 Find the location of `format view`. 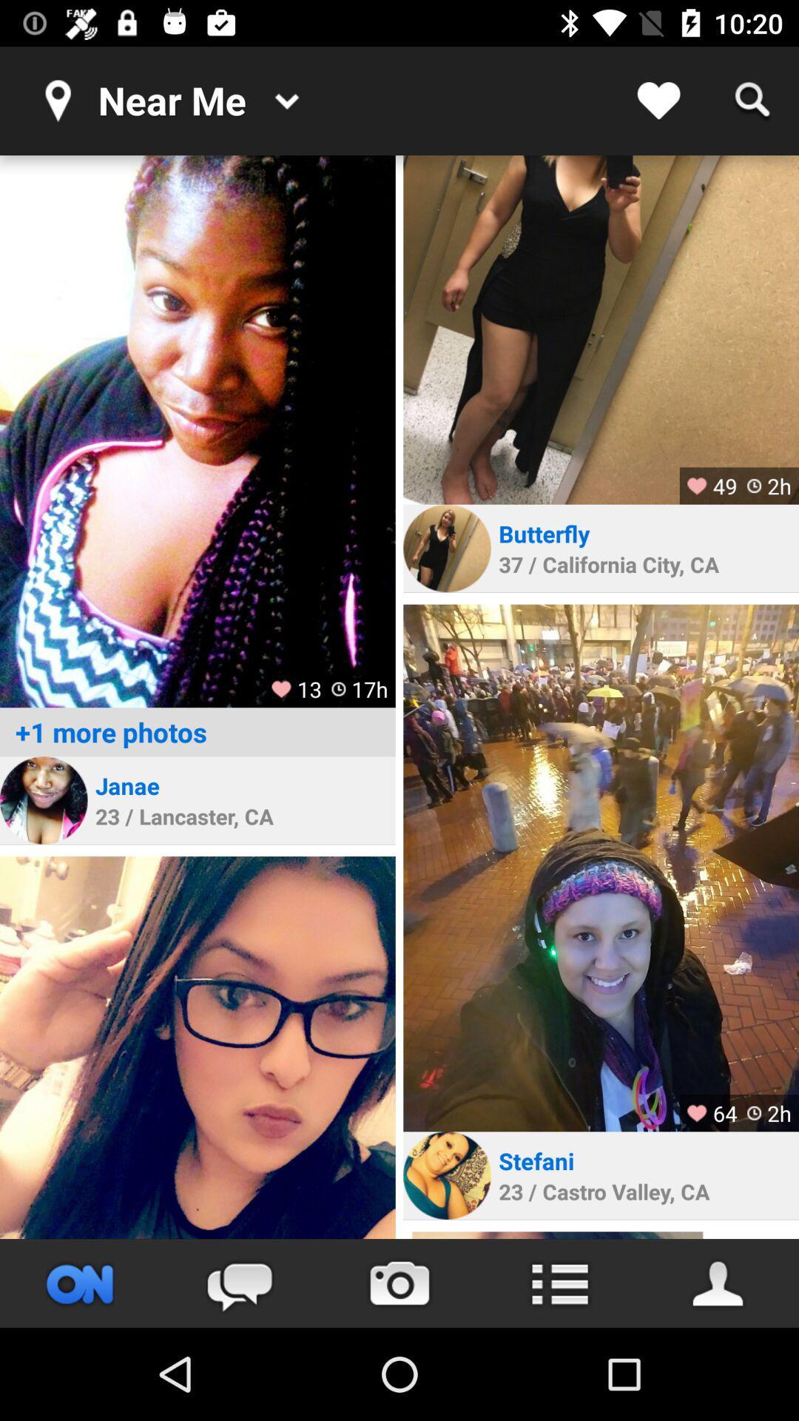

format view is located at coordinates (559, 1283).